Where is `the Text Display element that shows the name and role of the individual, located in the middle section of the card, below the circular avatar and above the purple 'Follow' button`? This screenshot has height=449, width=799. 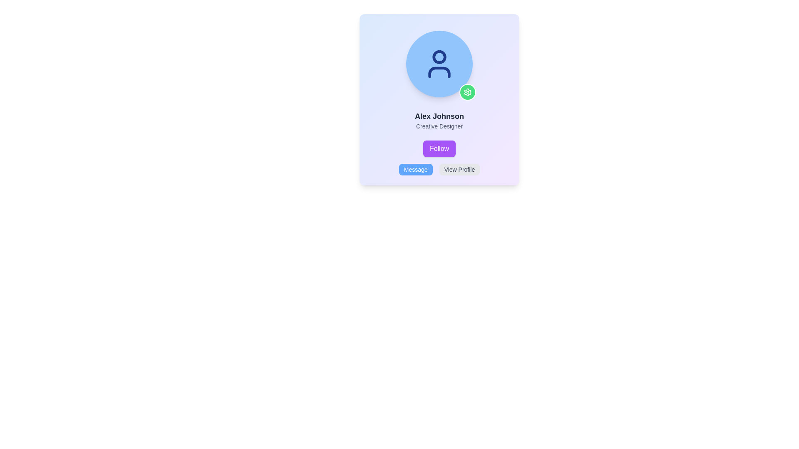 the Text Display element that shows the name and role of the individual, located in the middle section of the card, below the circular avatar and above the purple 'Follow' button is located at coordinates (439, 120).